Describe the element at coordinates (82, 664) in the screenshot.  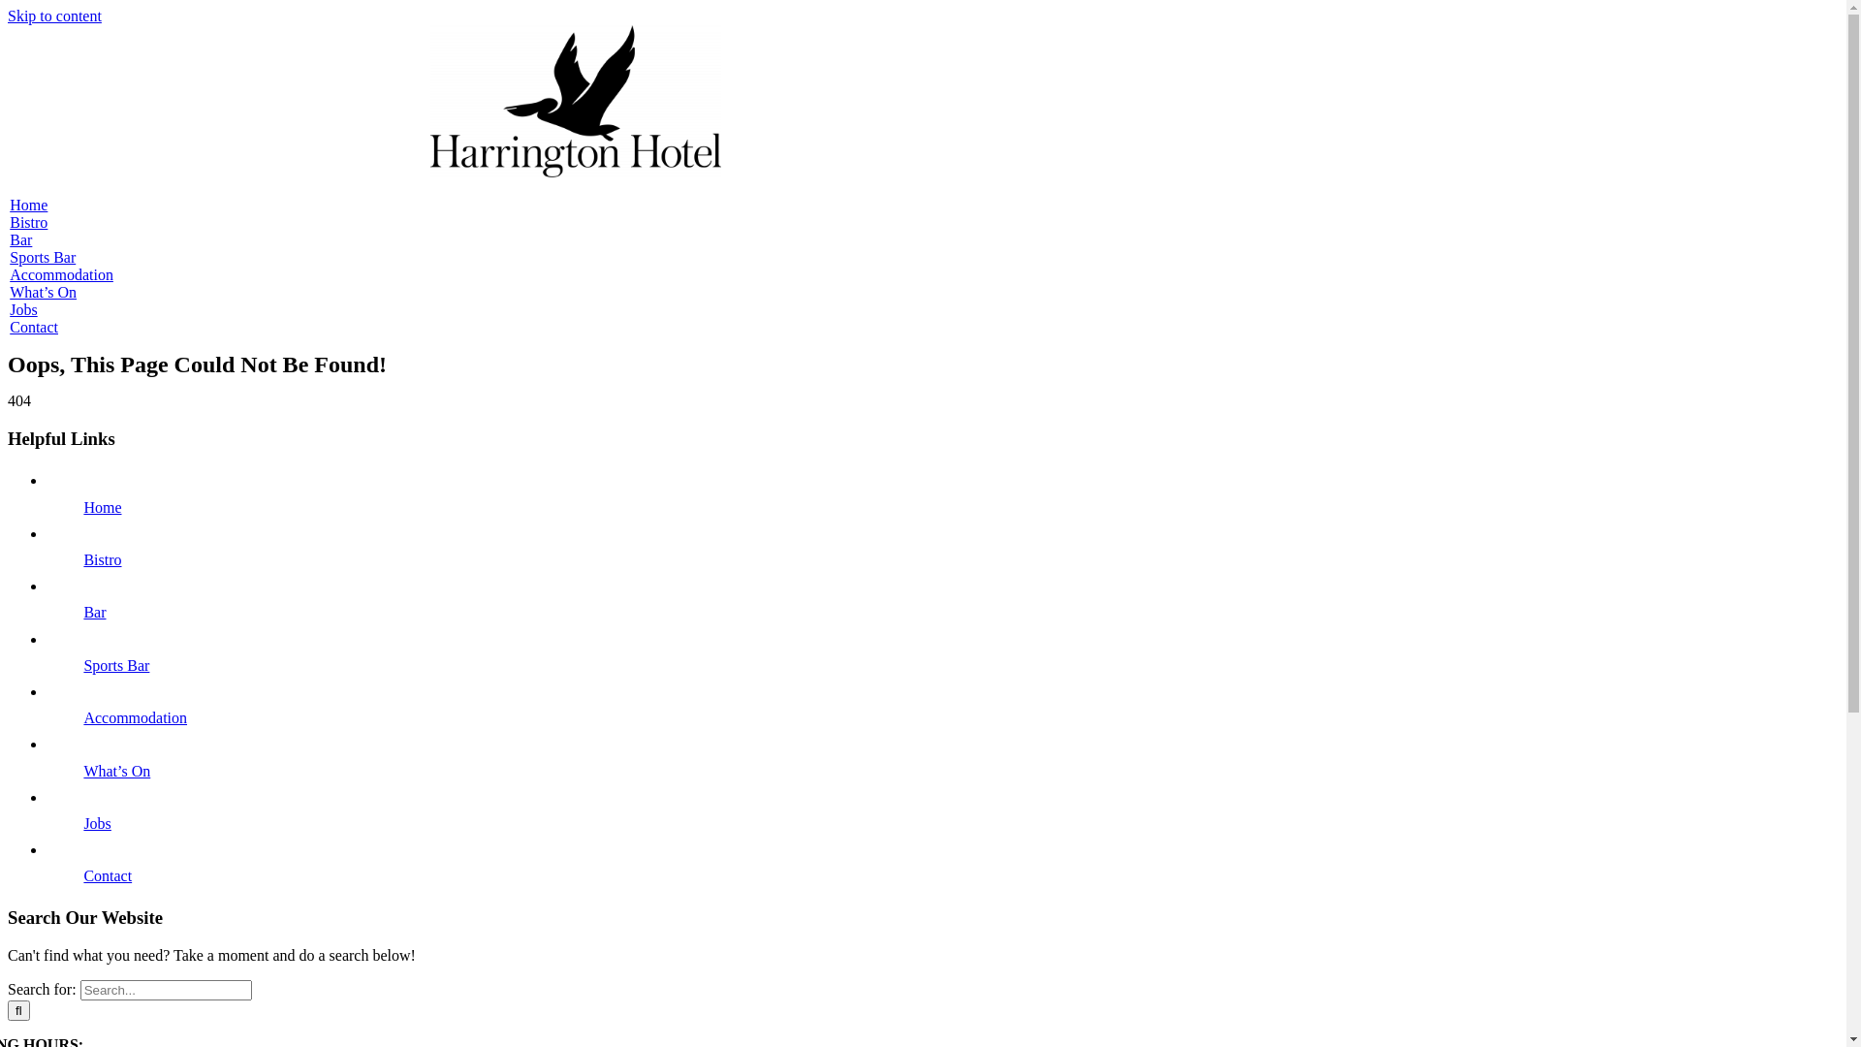
I see `'Sports Bar'` at that location.